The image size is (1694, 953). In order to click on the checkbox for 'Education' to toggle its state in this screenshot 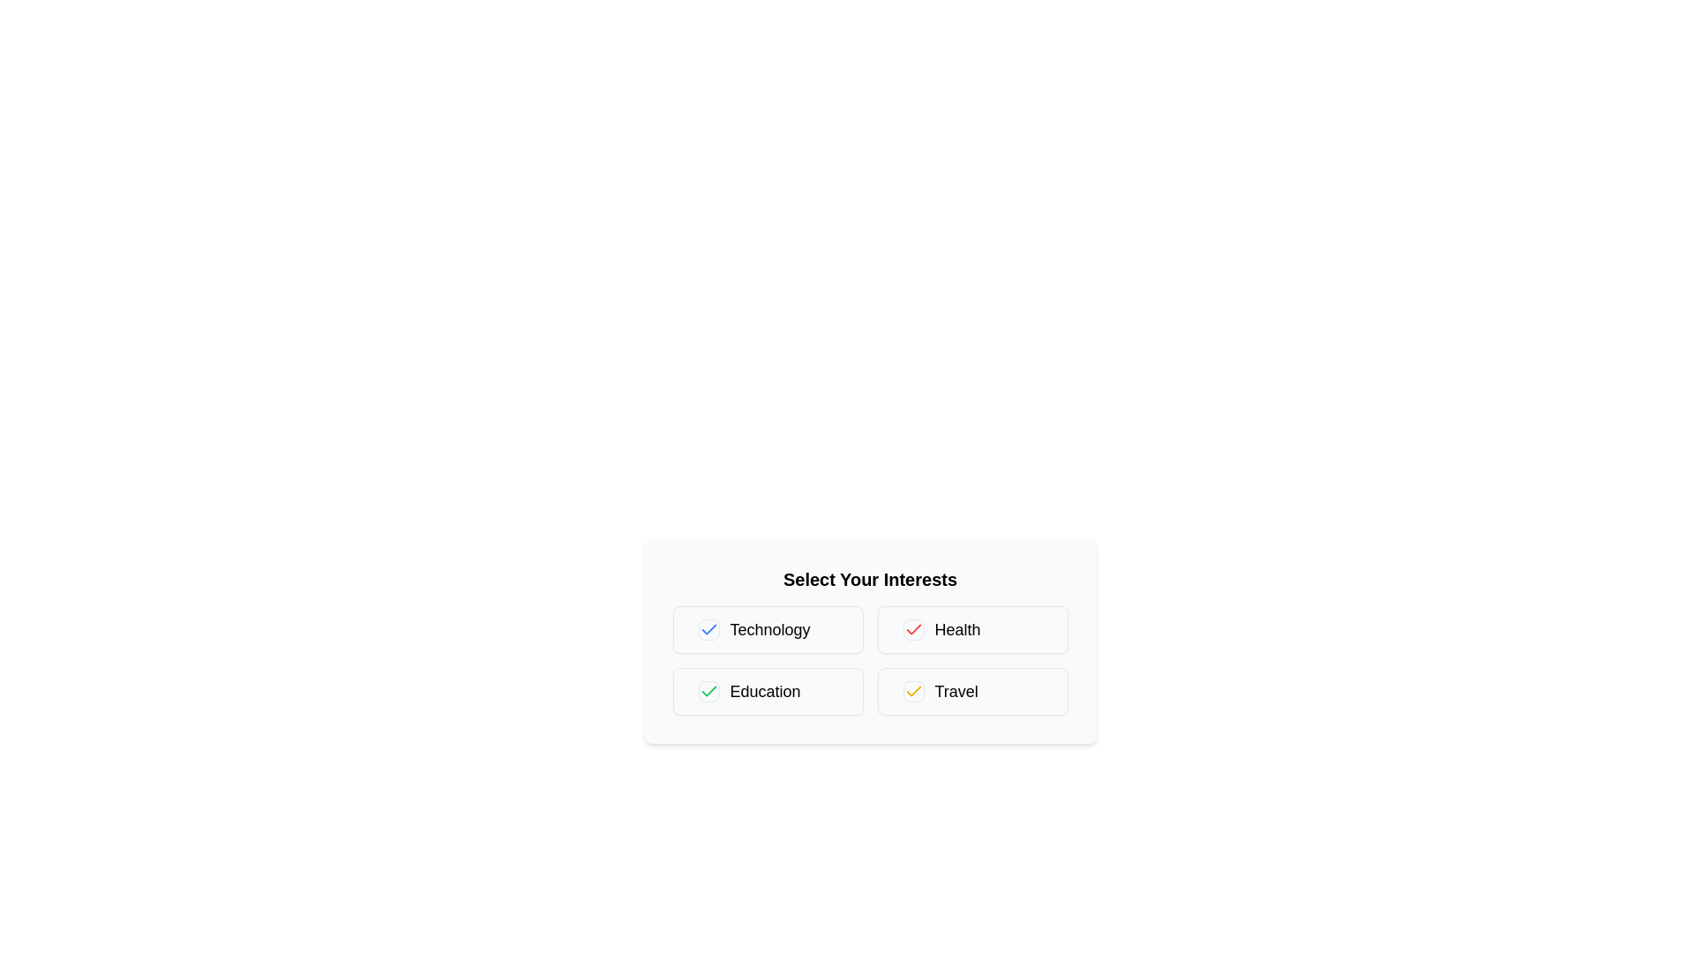, I will do `click(708, 690)`.